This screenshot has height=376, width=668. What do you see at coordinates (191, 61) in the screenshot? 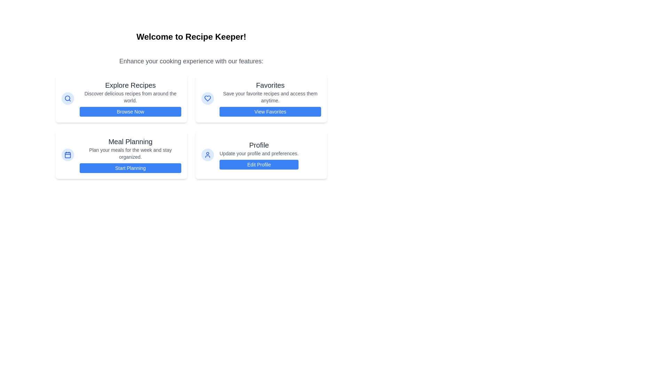
I see `the text element that reads 'Enhance your cooking experience with our features:', which is styled in a large, gray font and is centrally aligned beneath the title 'Welcome to Recipe Keeper!'` at bounding box center [191, 61].